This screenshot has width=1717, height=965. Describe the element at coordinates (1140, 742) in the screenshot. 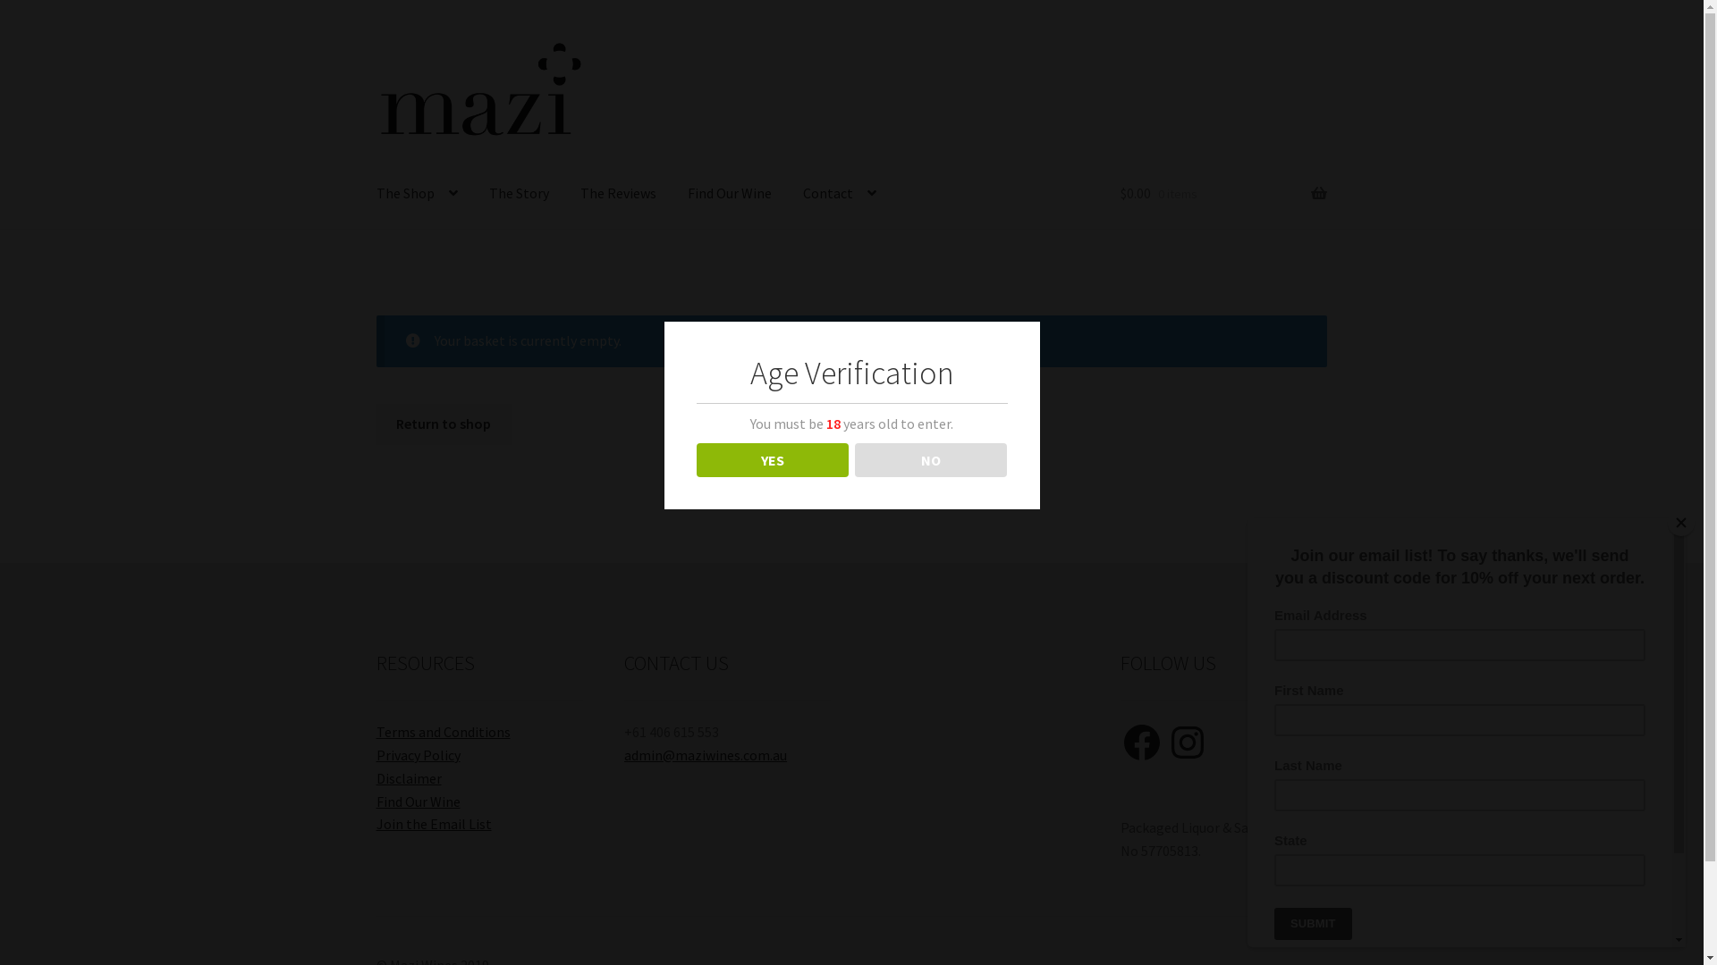

I see `'Facebook'` at that location.